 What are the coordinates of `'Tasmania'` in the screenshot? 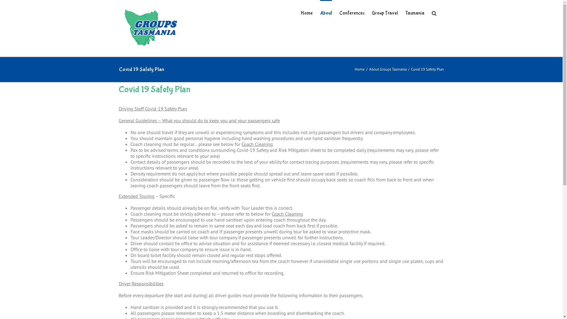 It's located at (414, 12).